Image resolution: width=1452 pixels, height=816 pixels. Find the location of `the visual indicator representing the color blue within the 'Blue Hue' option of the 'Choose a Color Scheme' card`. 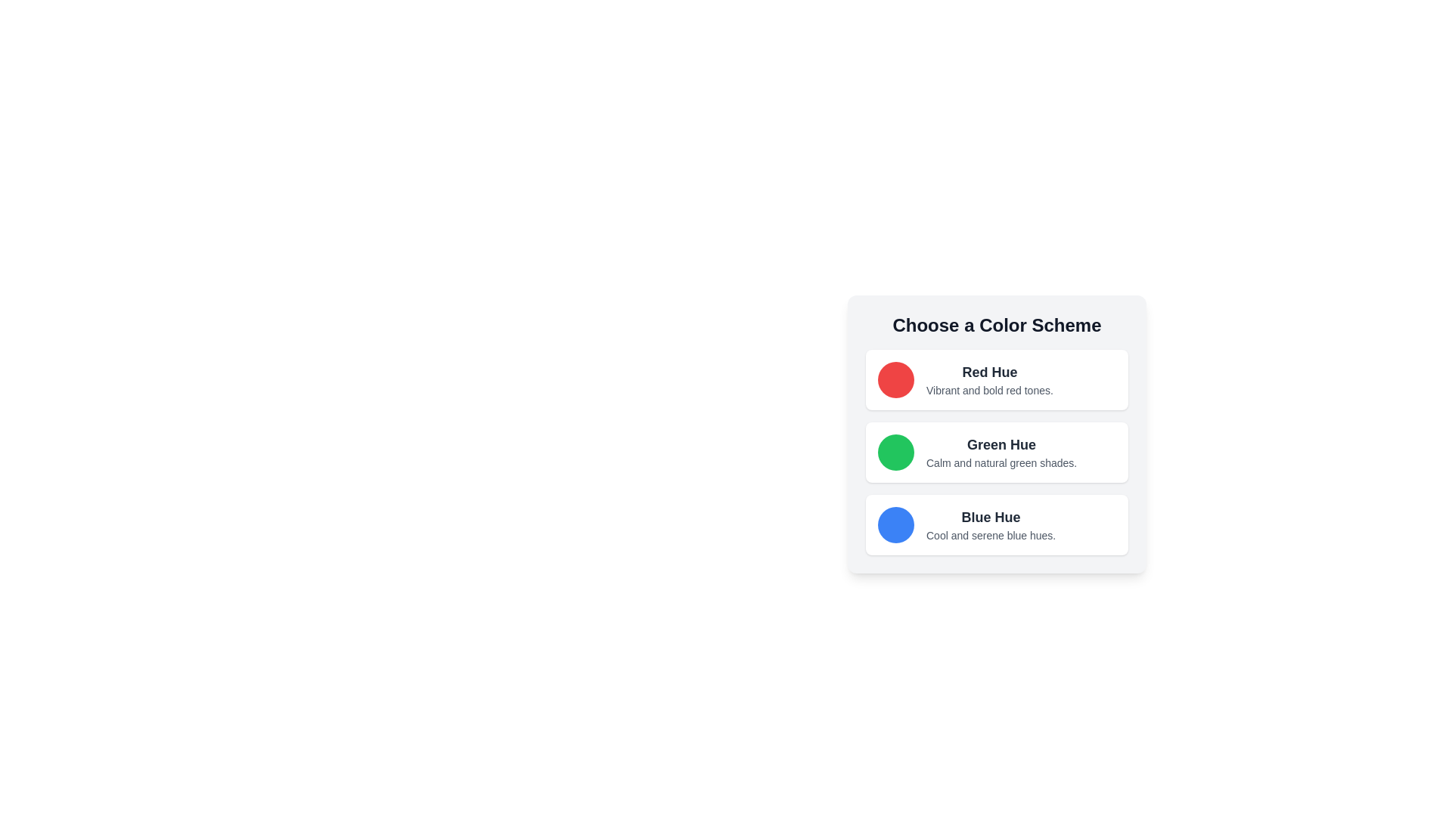

the visual indicator representing the color blue within the 'Blue Hue' option of the 'Choose a Color Scheme' card is located at coordinates (896, 524).